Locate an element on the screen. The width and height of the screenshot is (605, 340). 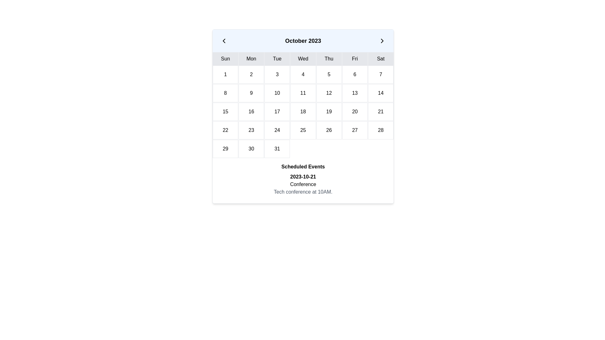
the left chevron icon button with a black outline, located on the left-hand side of the panel header, to trigger visual feedback indicating interactivity is located at coordinates (224, 41).